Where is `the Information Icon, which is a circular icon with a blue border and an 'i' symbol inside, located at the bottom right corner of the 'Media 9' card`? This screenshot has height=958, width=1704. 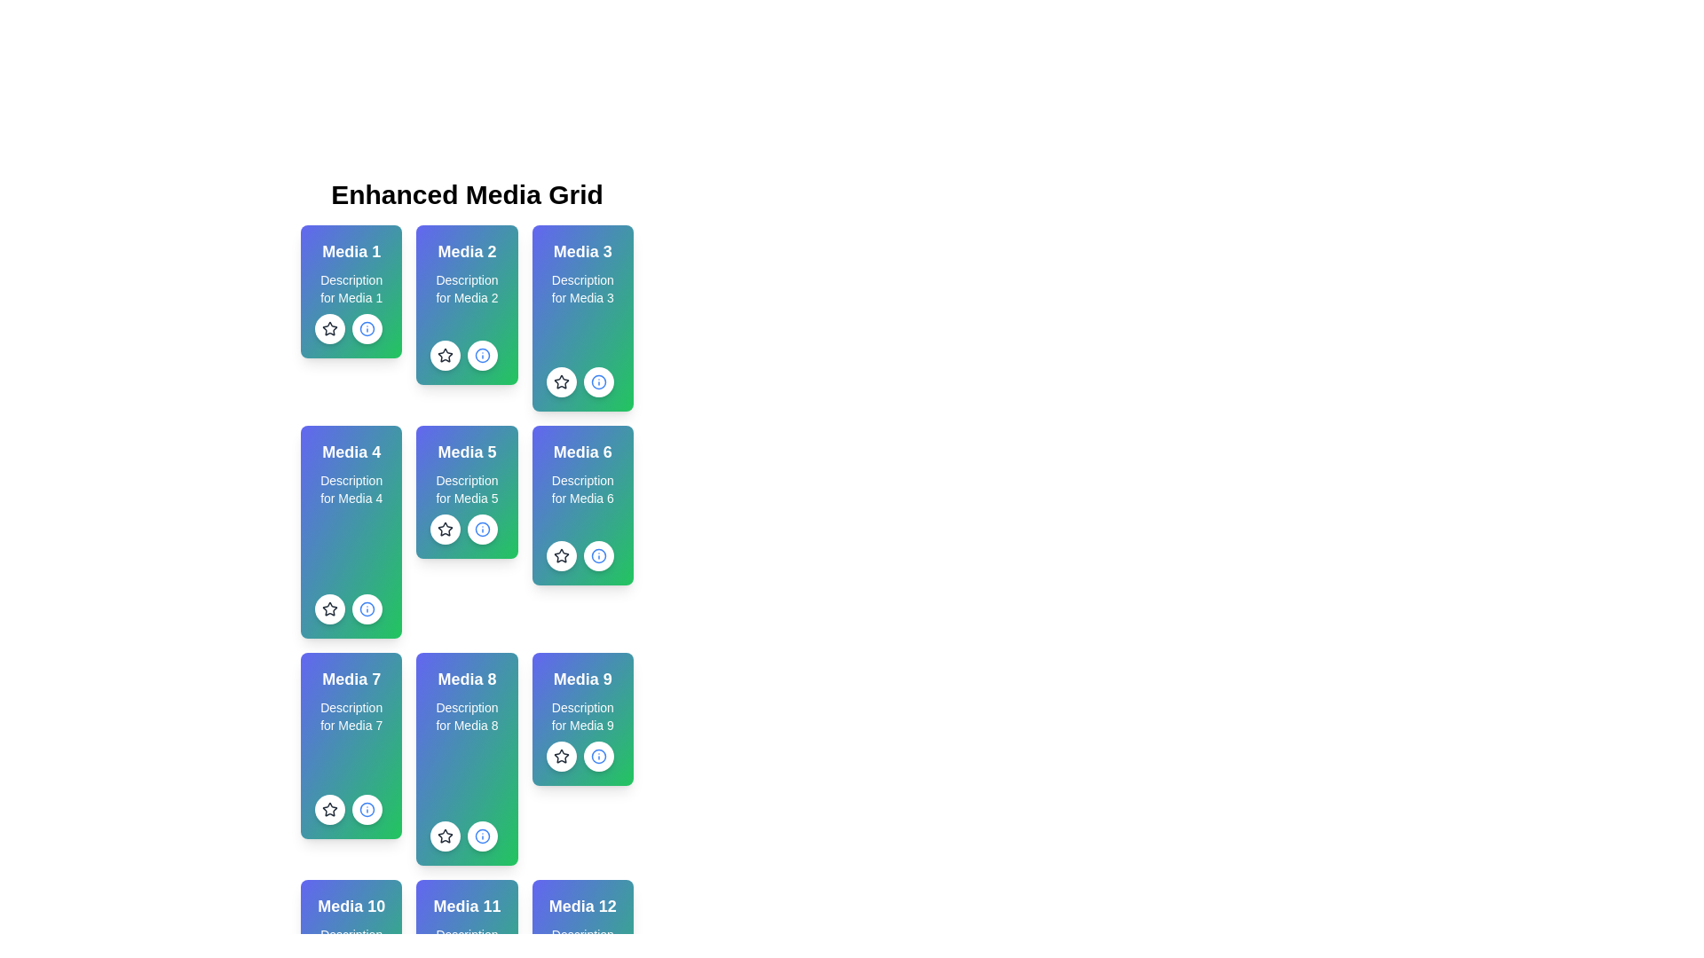 the Information Icon, which is a circular icon with a blue border and an 'i' symbol inside, located at the bottom right corner of the 'Media 9' card is located at coordinates (598, 756).